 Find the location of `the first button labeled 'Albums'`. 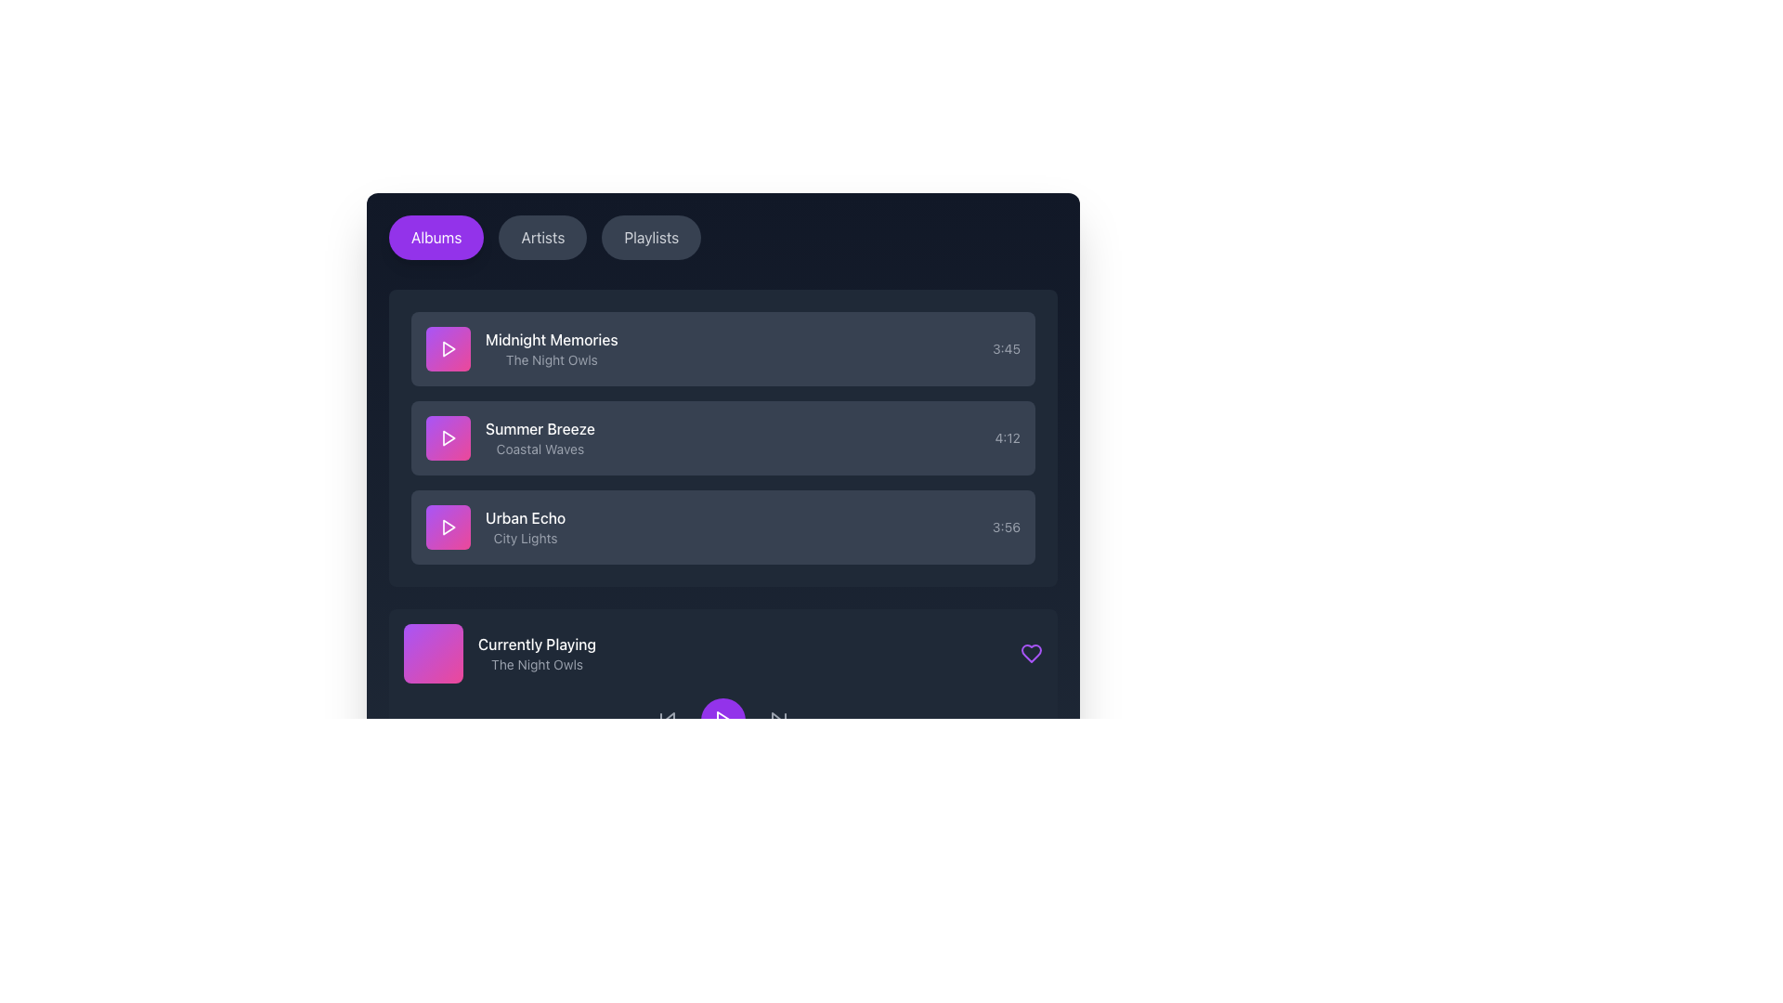

the first button labeled 'Albums' is located at coordinates (436, 236).